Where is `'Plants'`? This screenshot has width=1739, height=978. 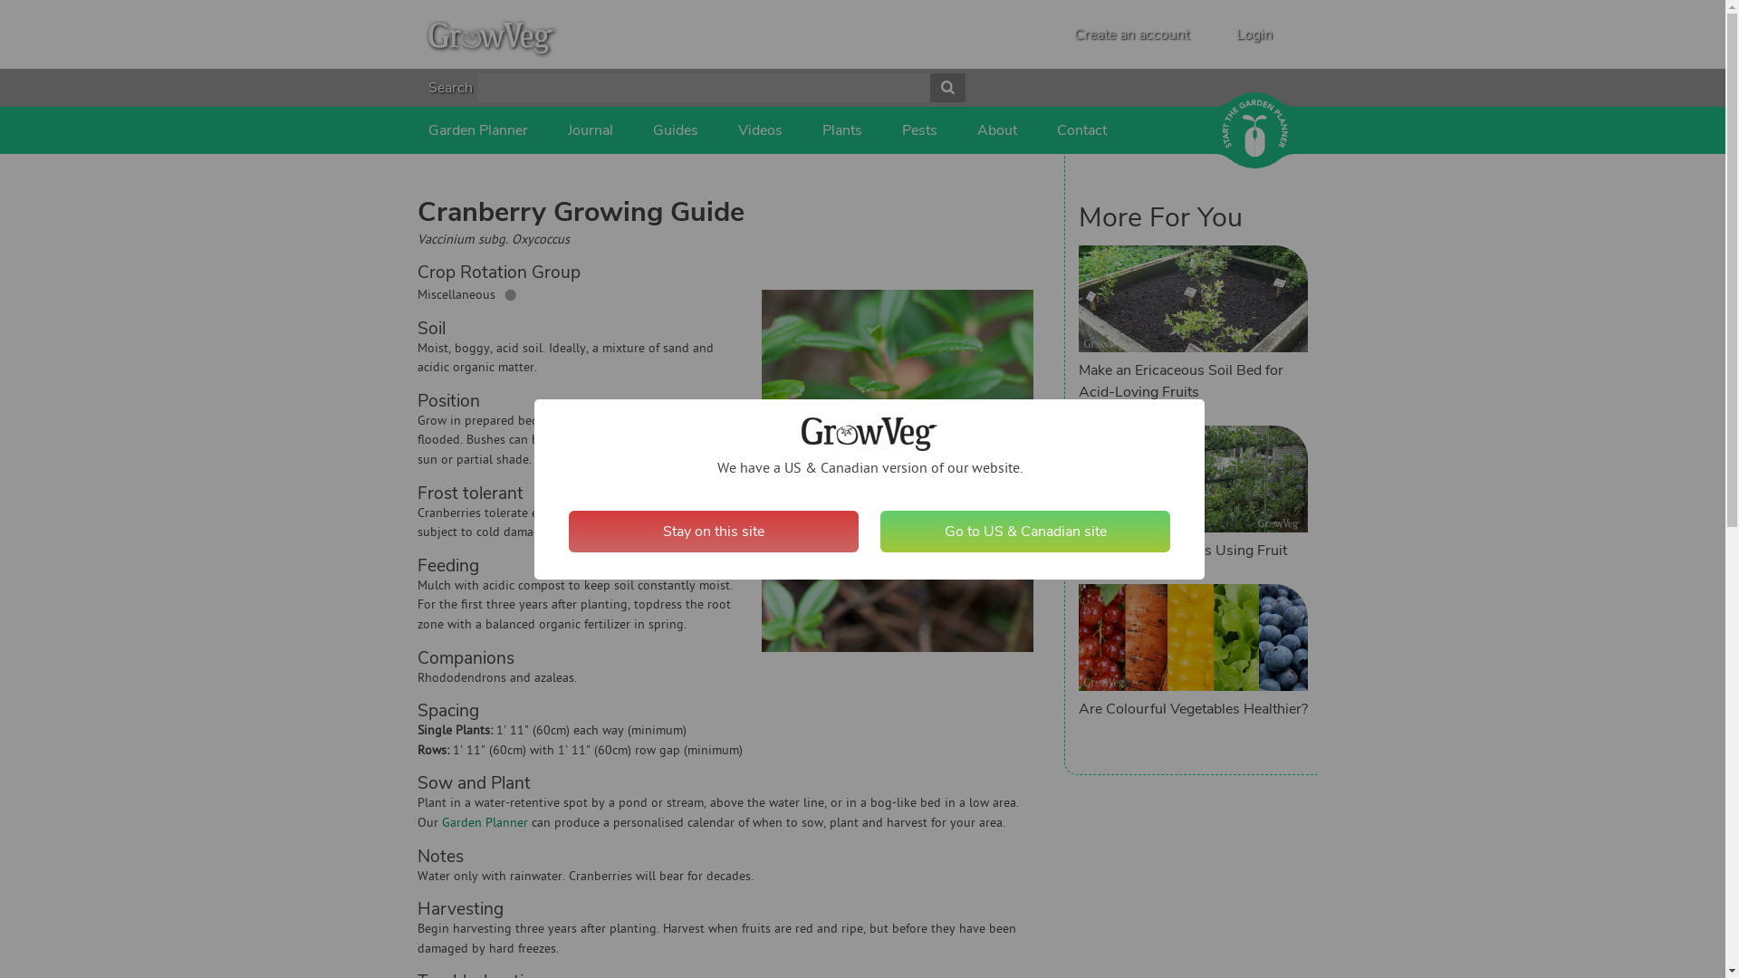 'Plants' is located at coordinates (841, 129).